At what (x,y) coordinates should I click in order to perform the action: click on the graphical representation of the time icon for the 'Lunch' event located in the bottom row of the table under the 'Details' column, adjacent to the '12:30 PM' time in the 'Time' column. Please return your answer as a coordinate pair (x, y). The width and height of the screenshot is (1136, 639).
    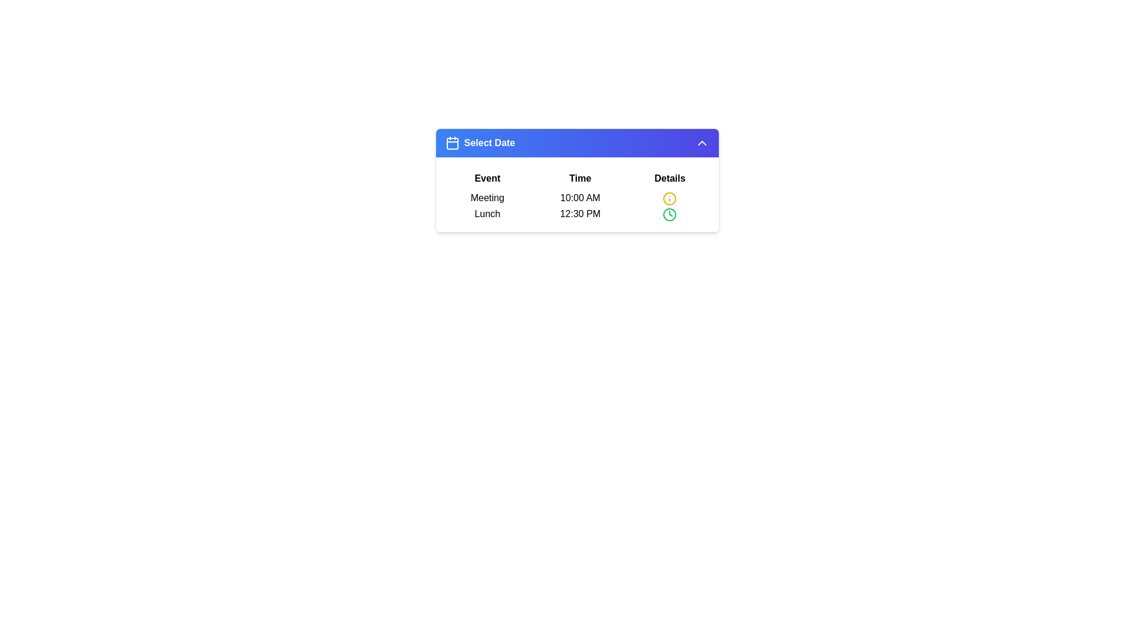
    Looking at the image, I should click on (670, 214).